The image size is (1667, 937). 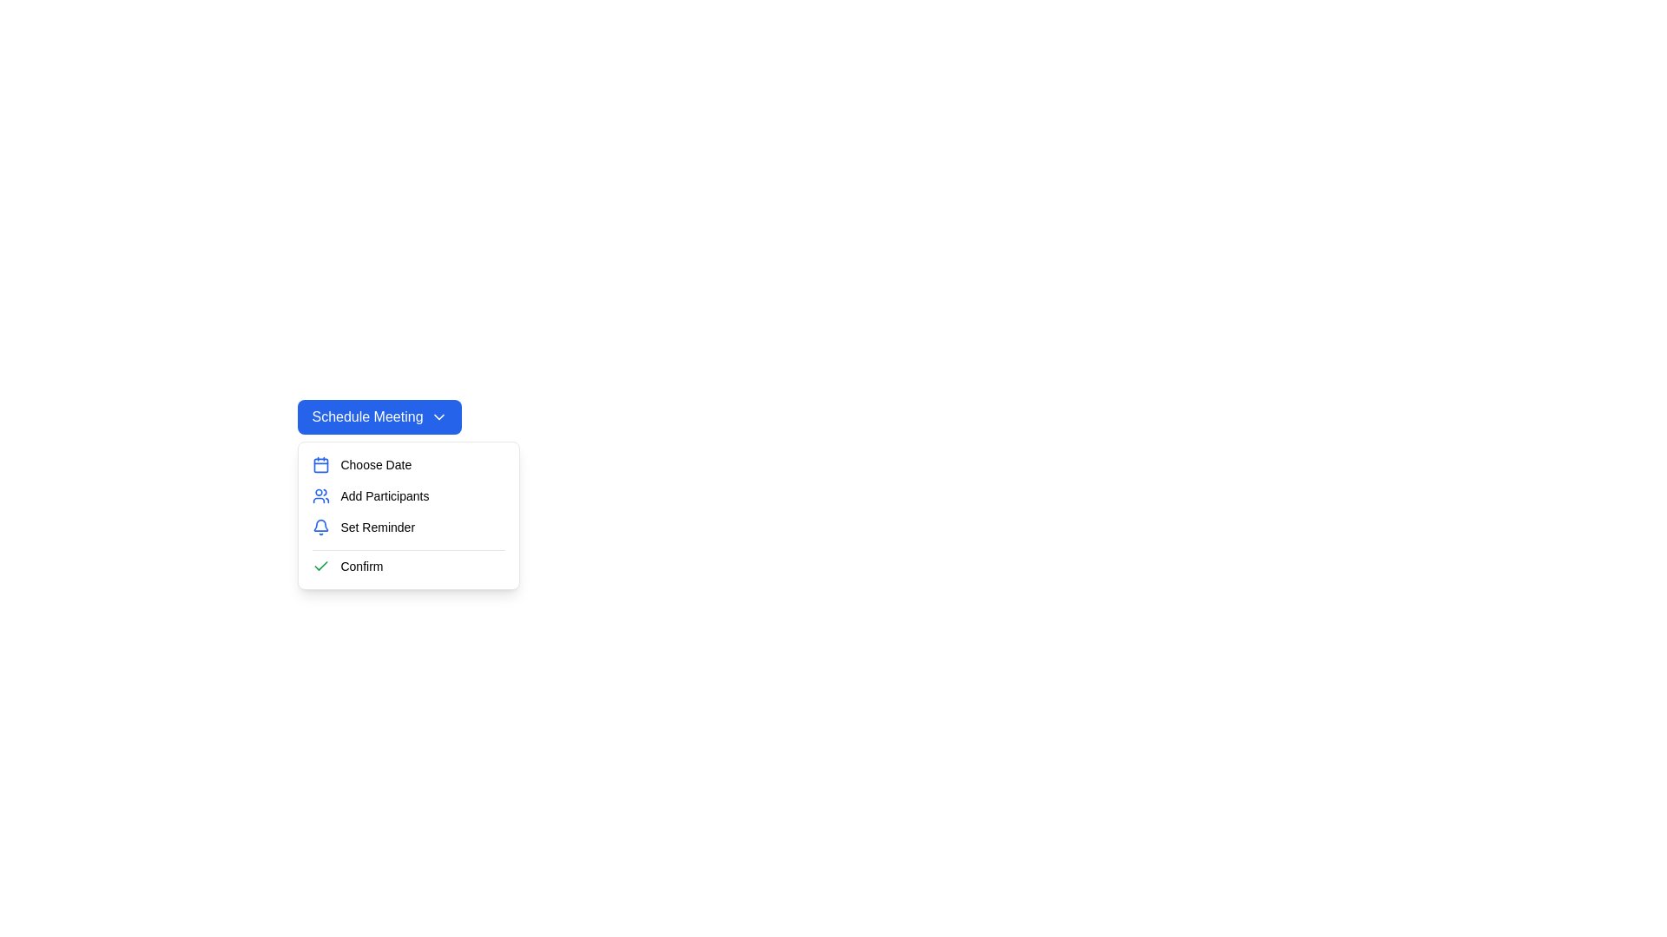 What do you see at coordinates (375, 464) in the screenshot?
I see `the 'Choose Date' label in the dropdown menu` at bounding box center [375, 464].